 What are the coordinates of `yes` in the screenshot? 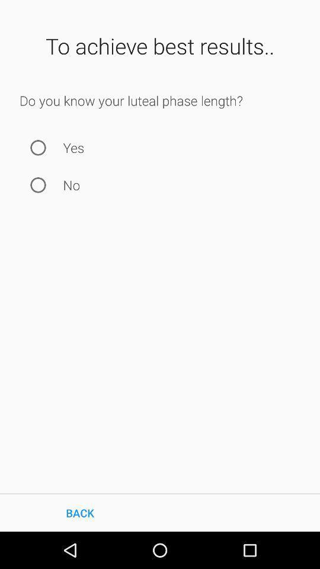 It's located at (38, 147).